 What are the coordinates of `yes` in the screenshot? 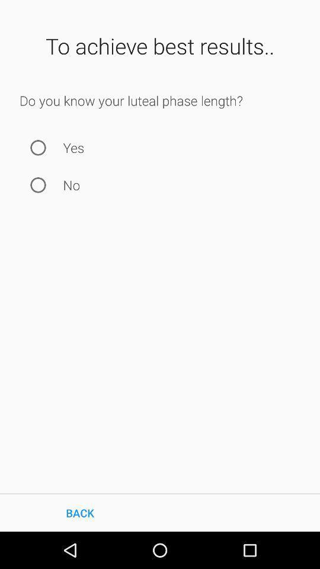 It's located at (38, 147).